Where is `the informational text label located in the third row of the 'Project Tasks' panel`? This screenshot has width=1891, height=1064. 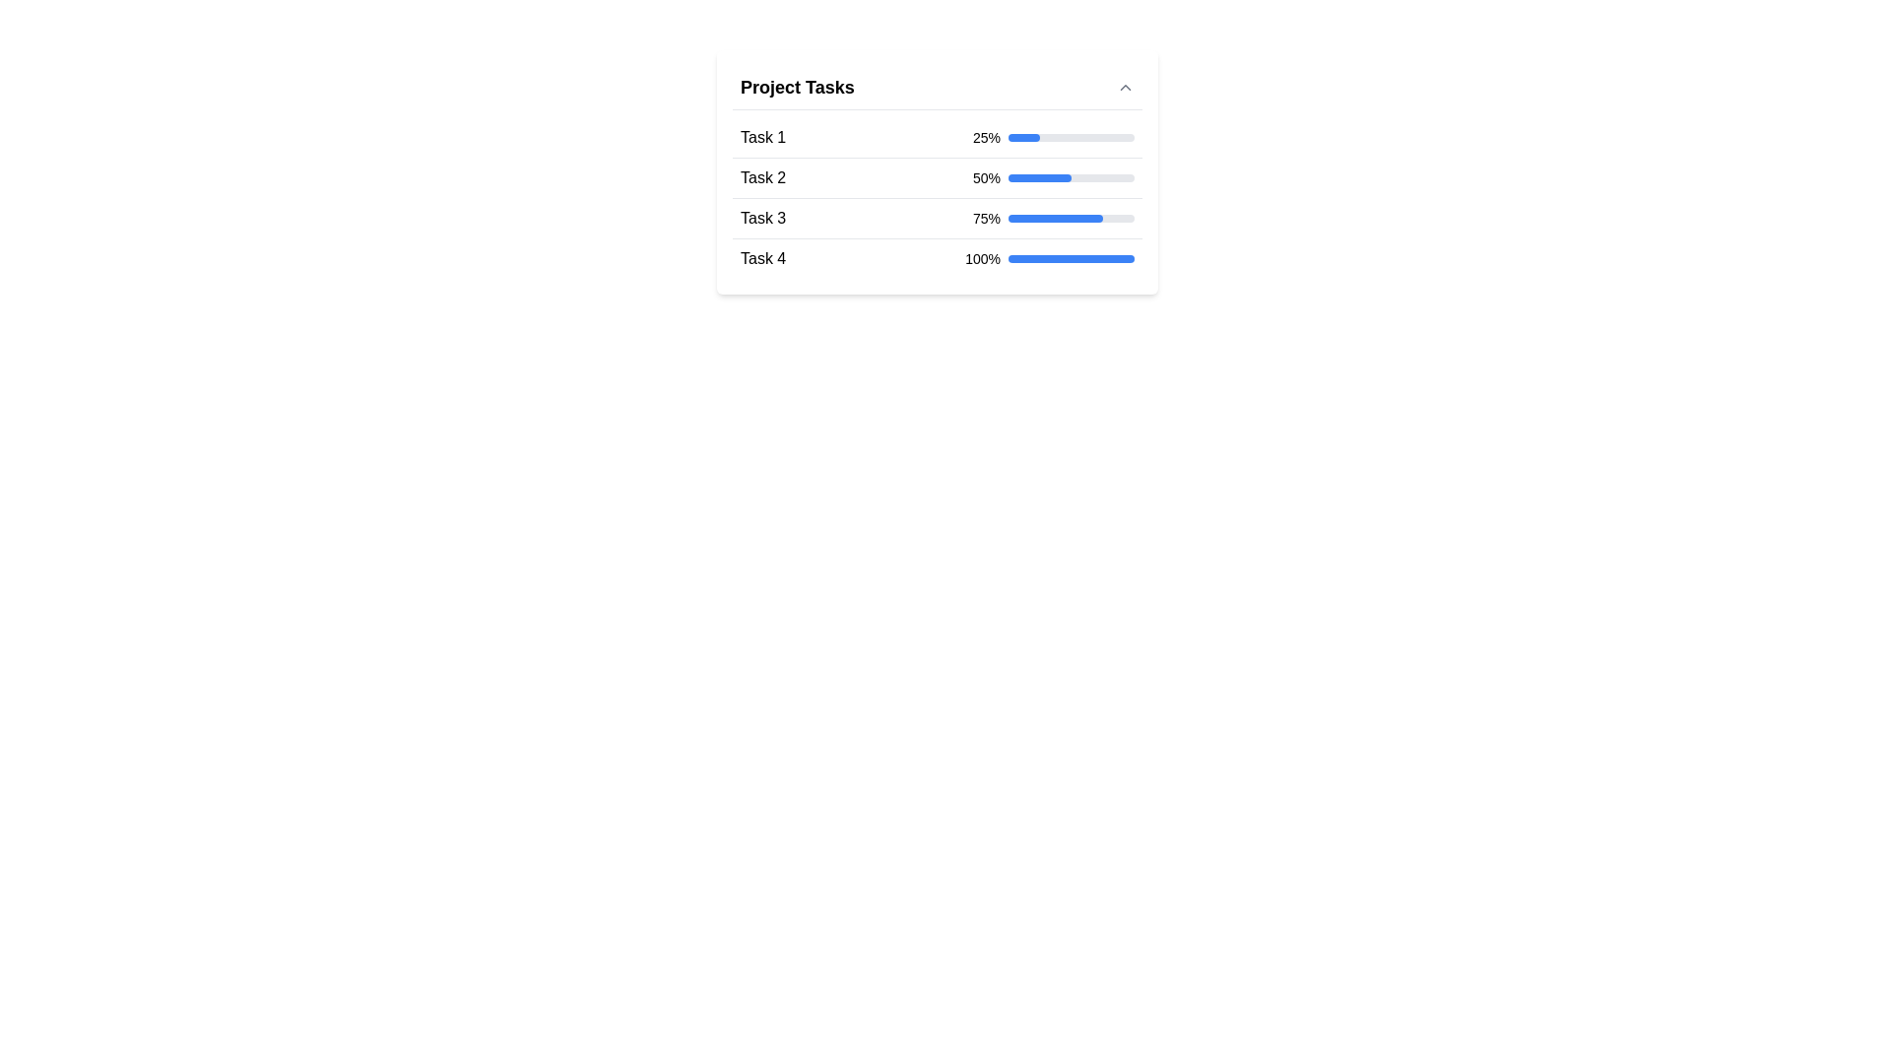 the informational text label located in the third row of the 'Project Tasks' panel is located at coordinates (761, 219).